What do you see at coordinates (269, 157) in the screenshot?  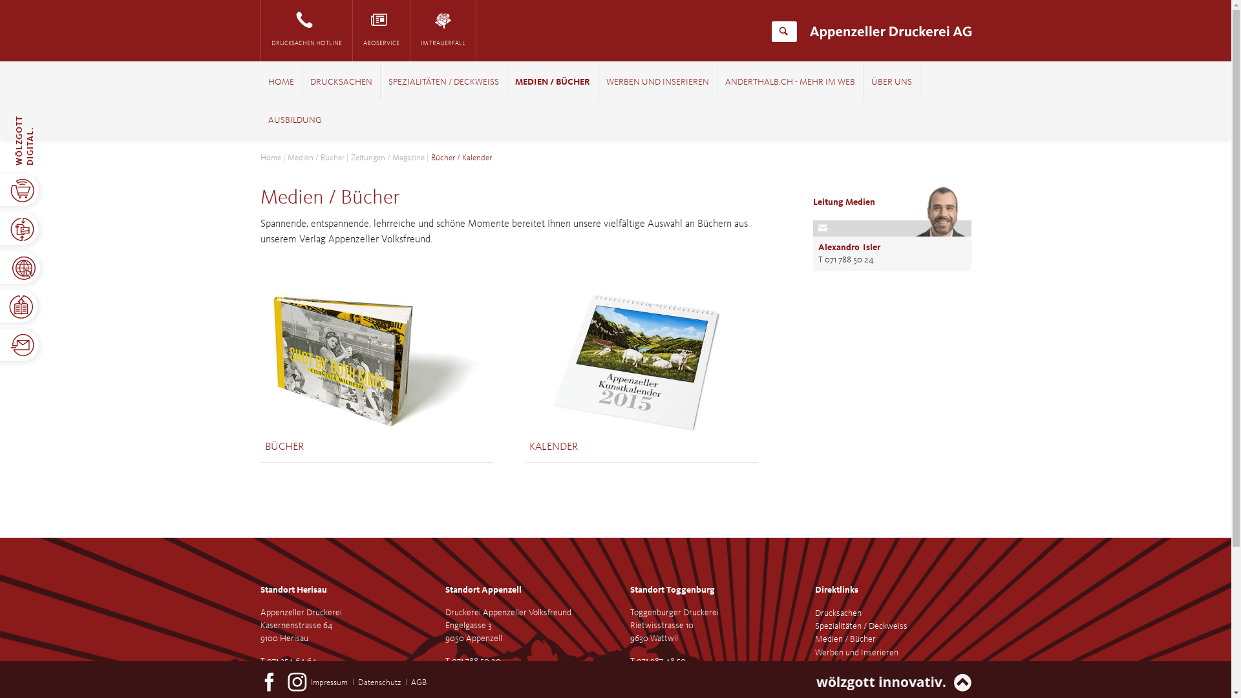 I see `'Home'` at bounding box center [269, 157].